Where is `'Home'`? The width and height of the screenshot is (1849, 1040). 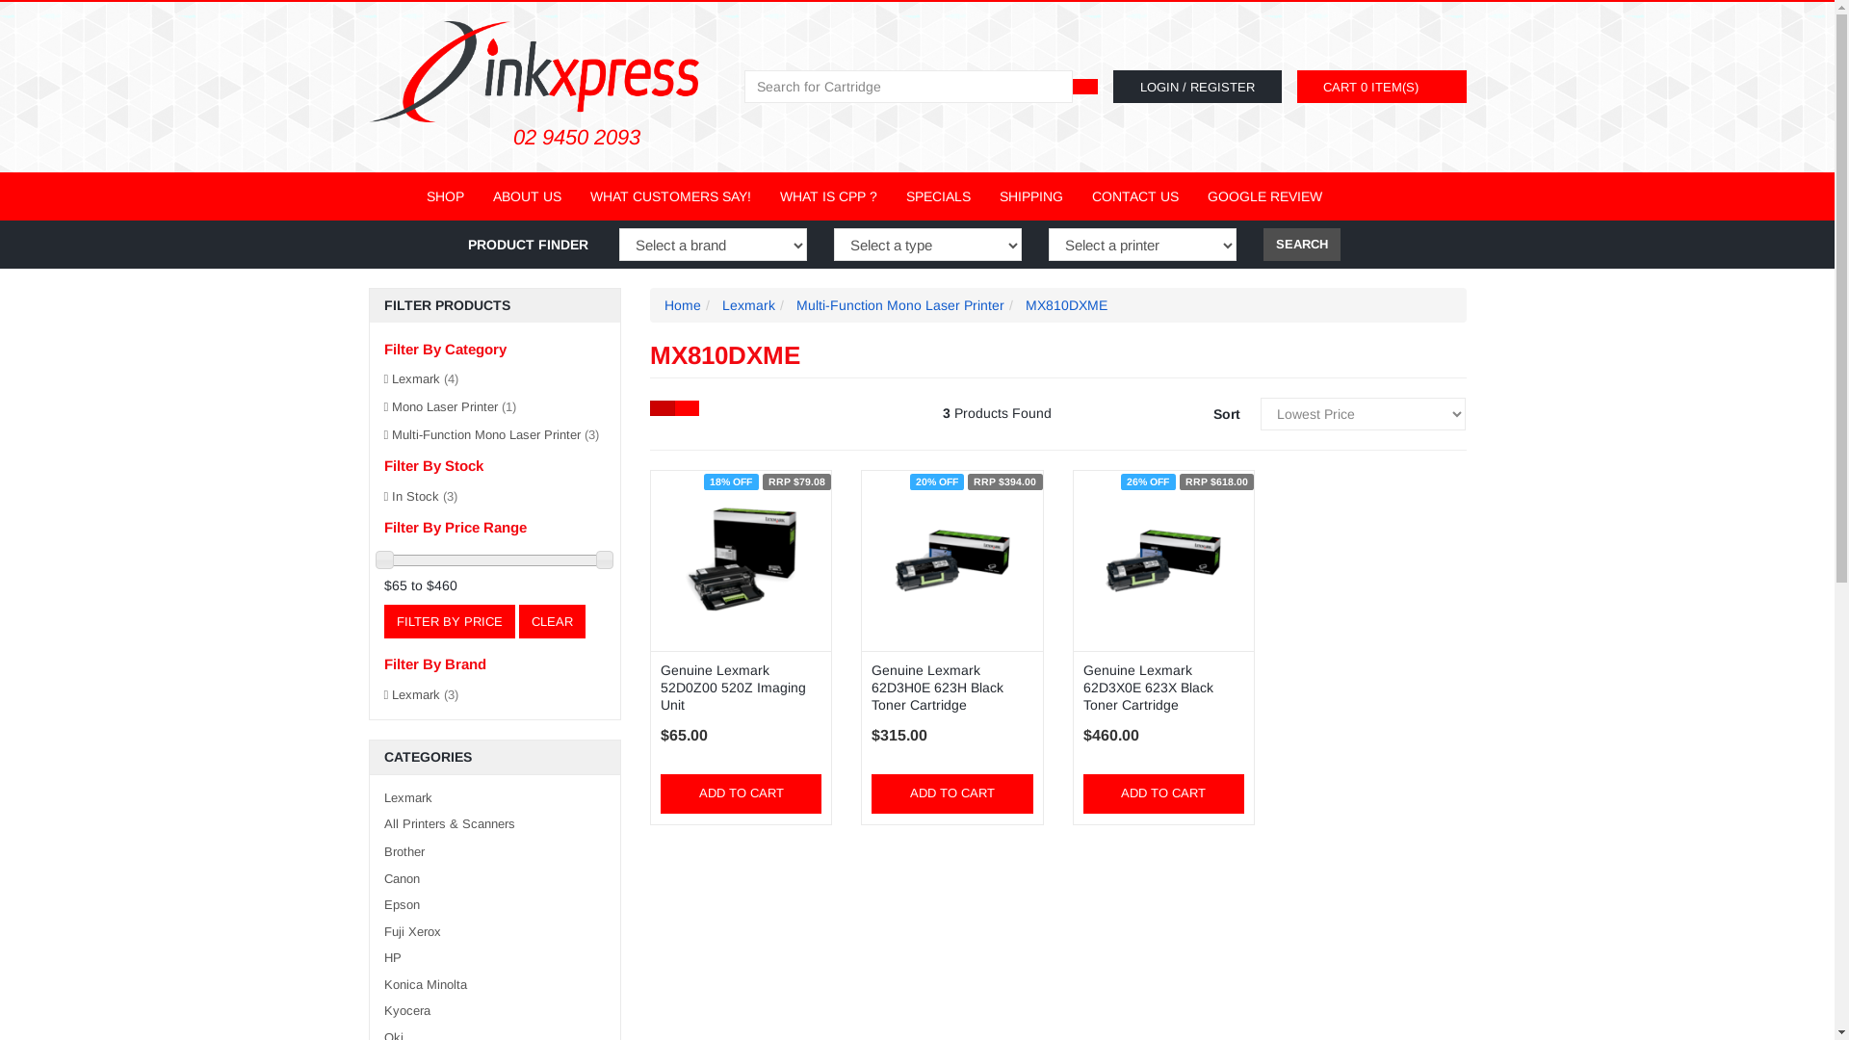
'Home' is located at coordinates (683, 303).